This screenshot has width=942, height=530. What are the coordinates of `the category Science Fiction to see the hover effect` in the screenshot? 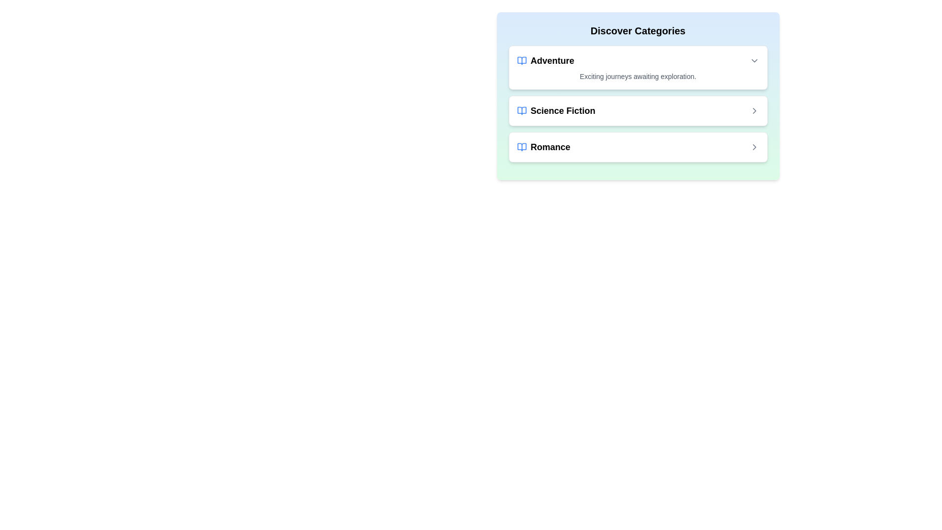 It's located at (638, 110).